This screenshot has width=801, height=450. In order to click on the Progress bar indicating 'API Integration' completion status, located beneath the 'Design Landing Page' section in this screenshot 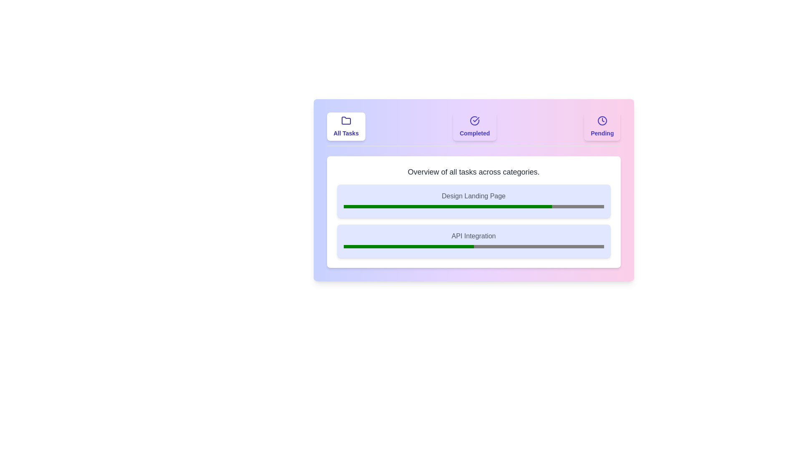, I will do `click(474, 241)`.